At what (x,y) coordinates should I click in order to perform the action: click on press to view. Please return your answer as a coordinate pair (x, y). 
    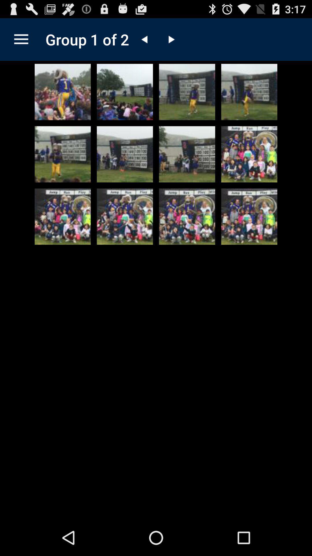
    Looking at the image, I should click on (249, 216).